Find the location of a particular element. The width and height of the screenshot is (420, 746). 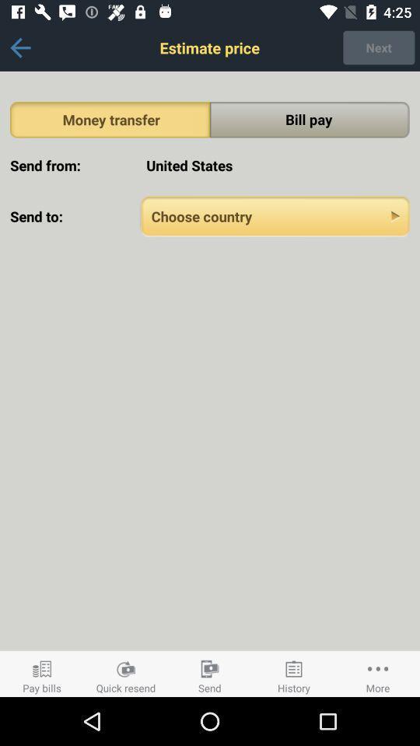

the item next to the money transfer is located at coordinates (310, 119).